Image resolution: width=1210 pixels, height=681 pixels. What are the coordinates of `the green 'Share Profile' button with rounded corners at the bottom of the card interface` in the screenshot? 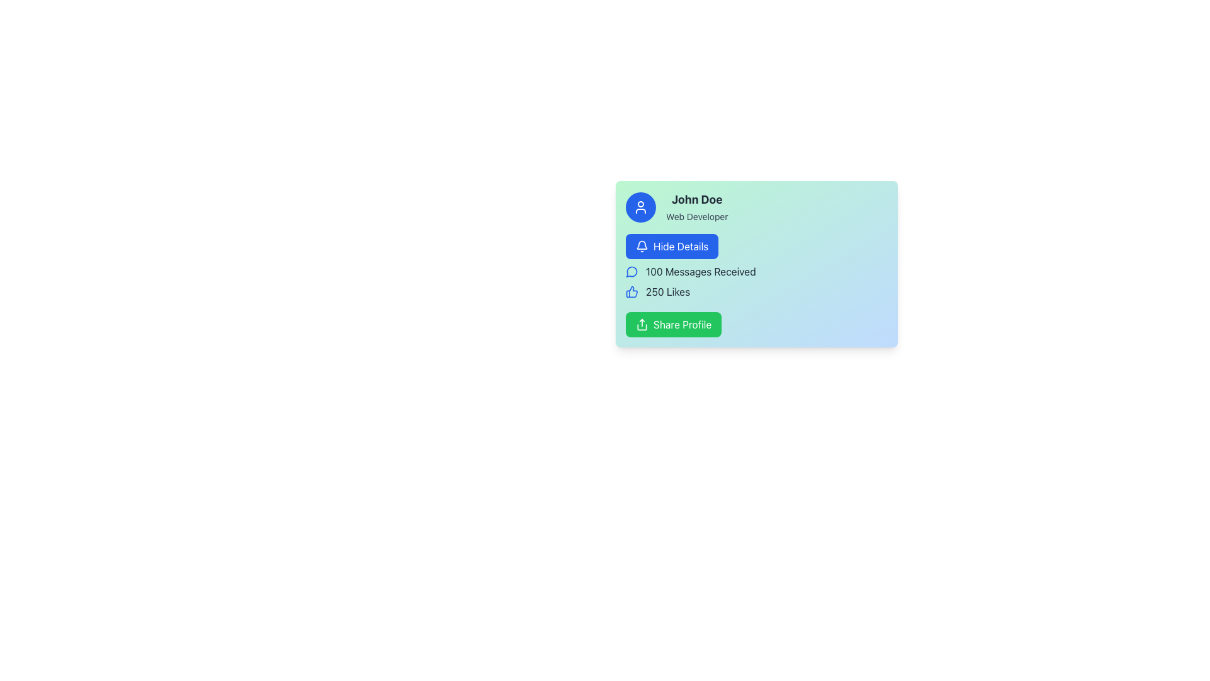 It's located at (673, 324).